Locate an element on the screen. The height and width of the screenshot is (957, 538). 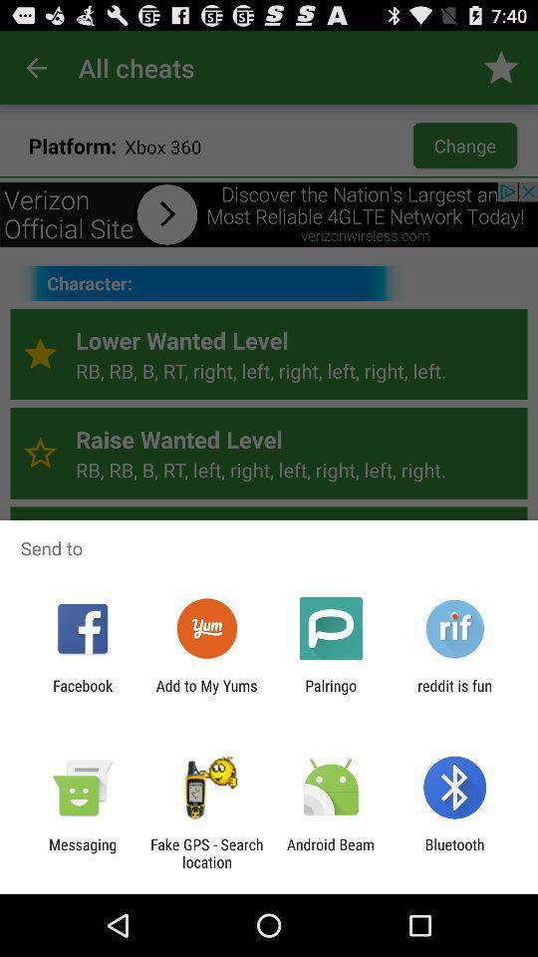
the app to the right of add to my is located at coordinates (331, 694).